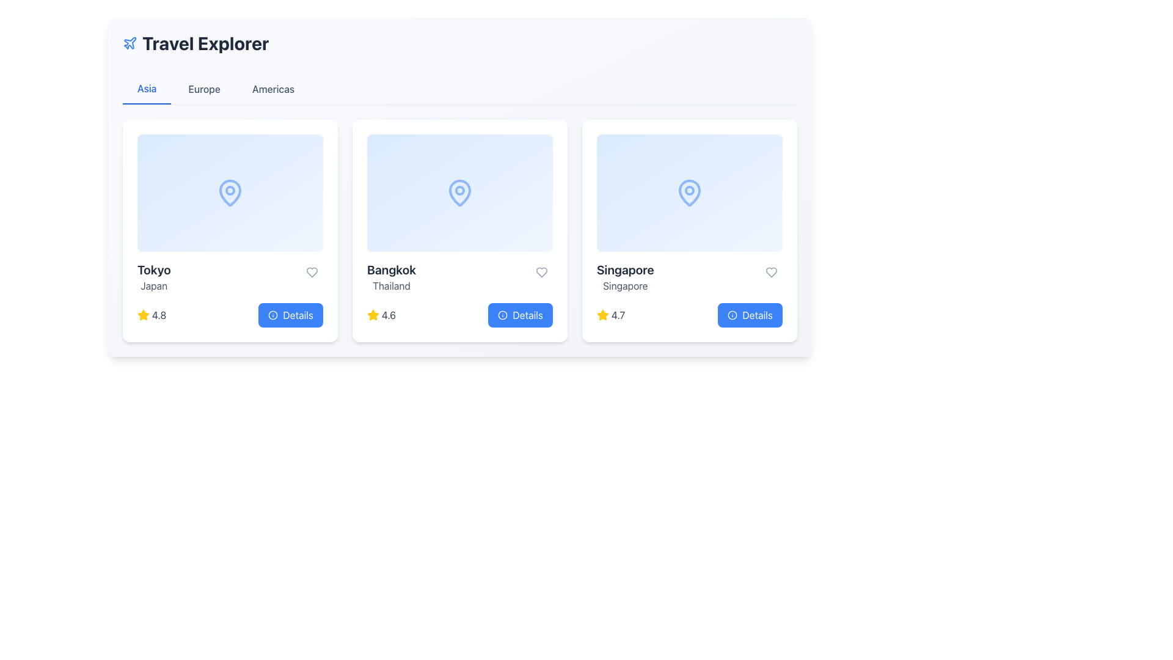 The image size is (1173, 660). I want to click on the 'Details' button with a blue background and white text for keyboard navigation, so click(290, 315).